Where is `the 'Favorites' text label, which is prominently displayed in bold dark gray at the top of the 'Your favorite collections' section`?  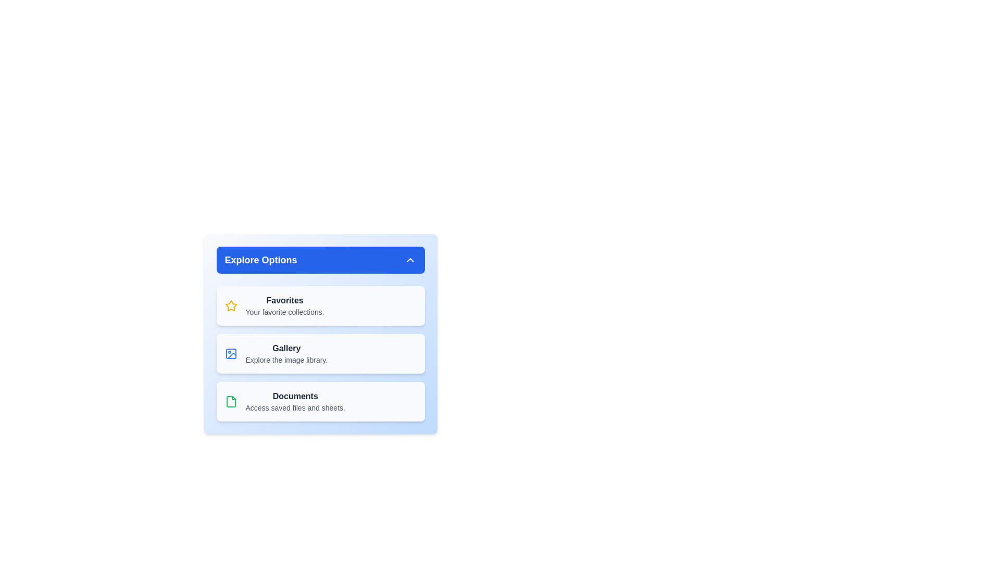
the 'Favorites' text label, which is prominently displayed in bold dark gray at the top of the 'Your favorite collections' section is located at coordinates (285, 301).